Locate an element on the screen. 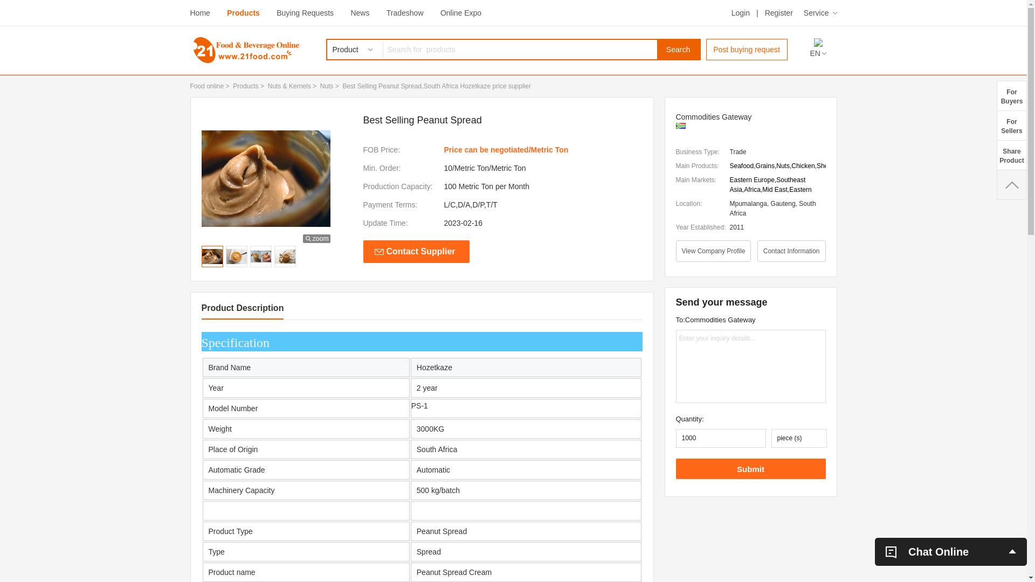 The width and height of the screenshot is (1035, 582). 'Contact Information' is located at coordinates (791, 251).